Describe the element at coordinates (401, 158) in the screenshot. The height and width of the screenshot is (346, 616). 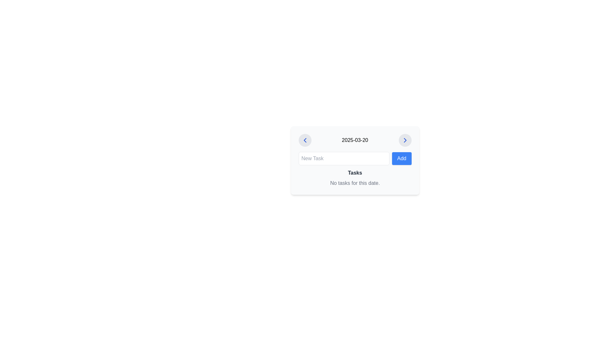
I see `the button located immediately to the right of the 'New Task' text input field` at that location.